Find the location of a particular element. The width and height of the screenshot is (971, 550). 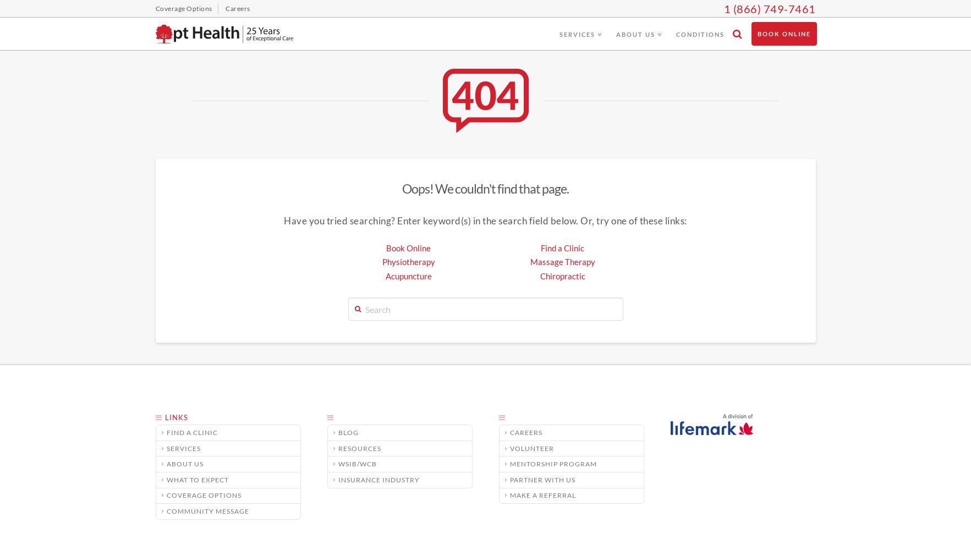

'WSIB/WCB' is located at coordinates (357, 463).